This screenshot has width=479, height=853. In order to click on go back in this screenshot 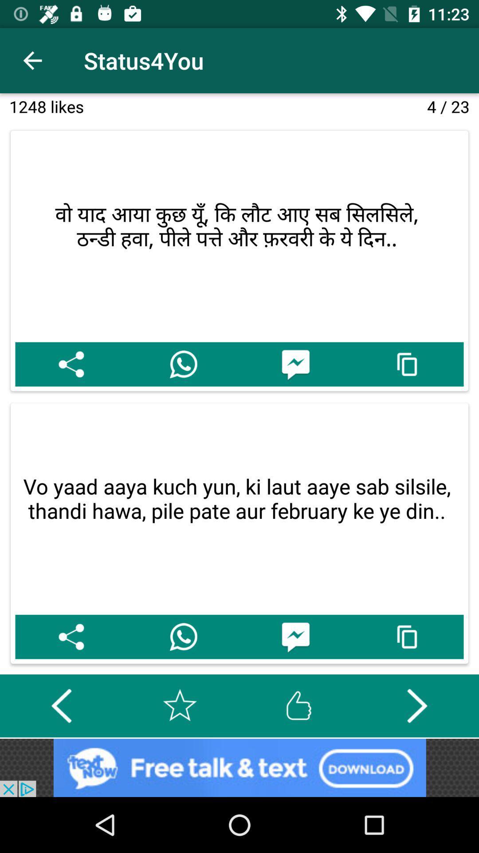, I will do `click(61, 705)`.